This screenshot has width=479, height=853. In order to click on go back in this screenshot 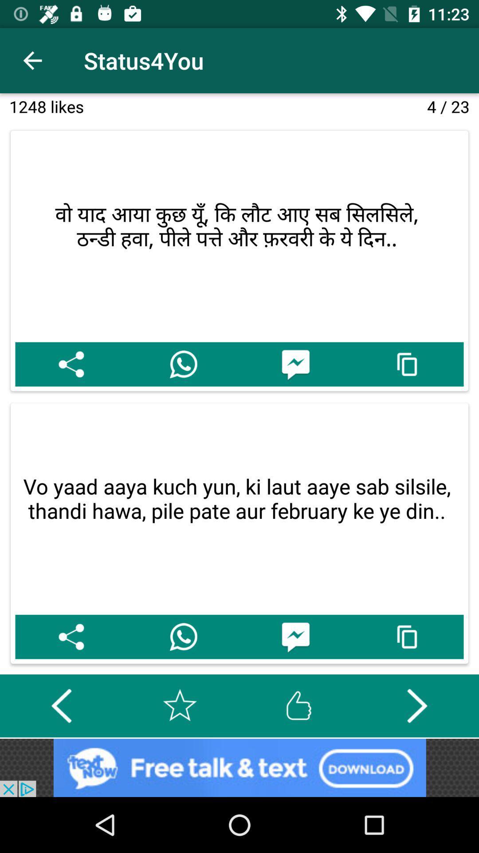, I will do `click(61, 705)`.